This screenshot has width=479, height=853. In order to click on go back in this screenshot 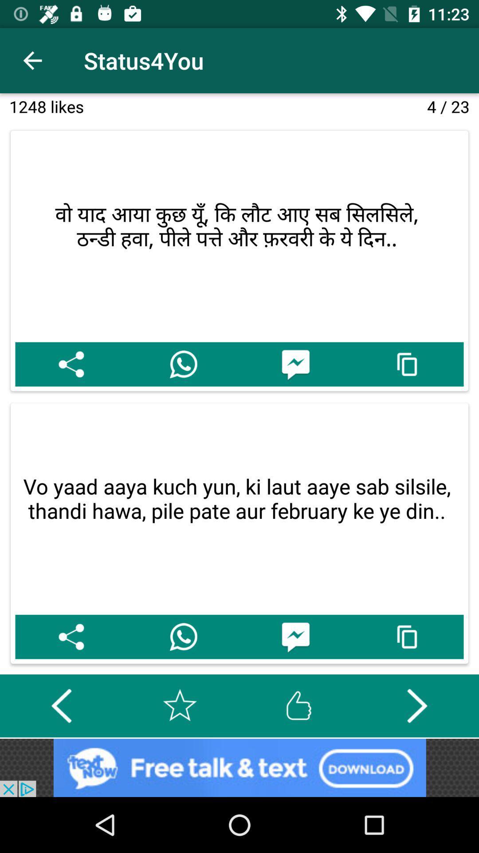, I will do `click(61, 705)`.